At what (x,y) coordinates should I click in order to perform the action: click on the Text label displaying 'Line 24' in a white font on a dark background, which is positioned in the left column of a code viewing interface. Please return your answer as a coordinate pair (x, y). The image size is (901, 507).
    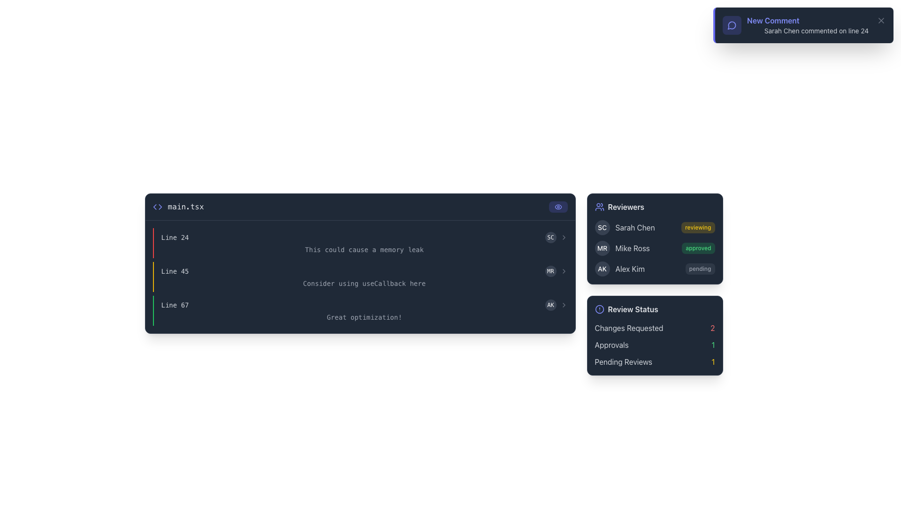
    Looking at the image, I should click on (175, 237).